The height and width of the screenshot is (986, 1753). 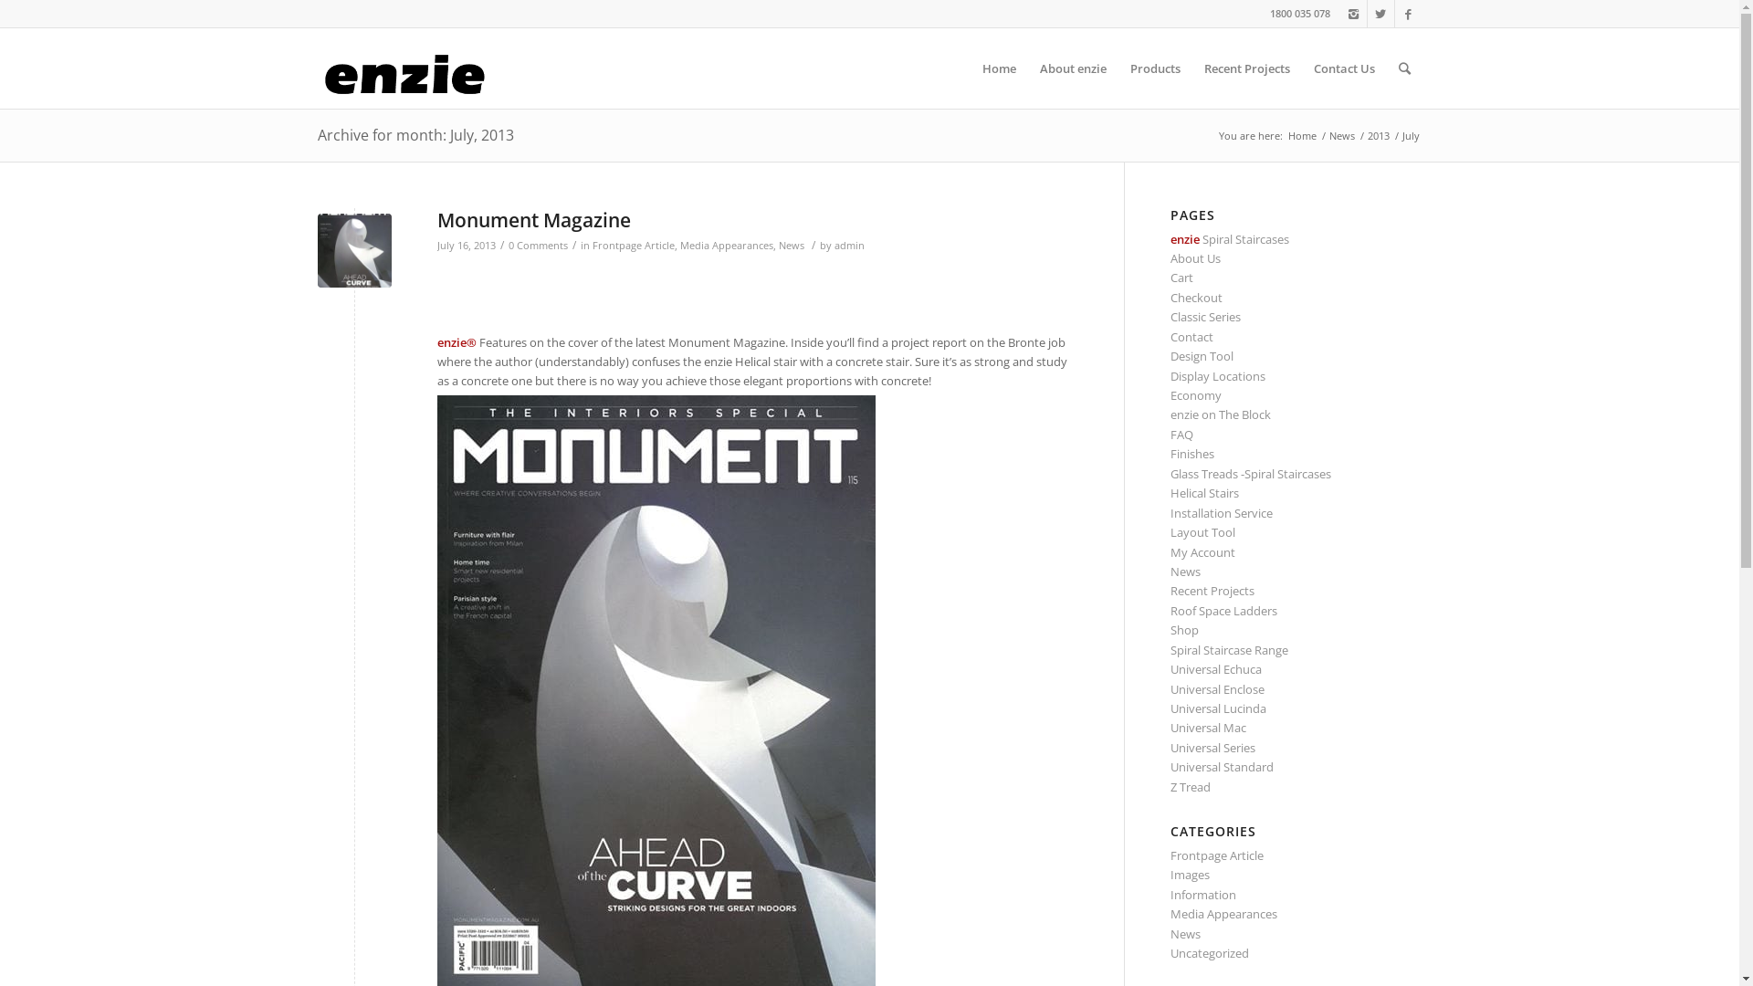 What do you see at coordinates (1230, 238) in the screenshot?
I see `'enzie Spiral Staircases'` at bounding box center [1230, 238].